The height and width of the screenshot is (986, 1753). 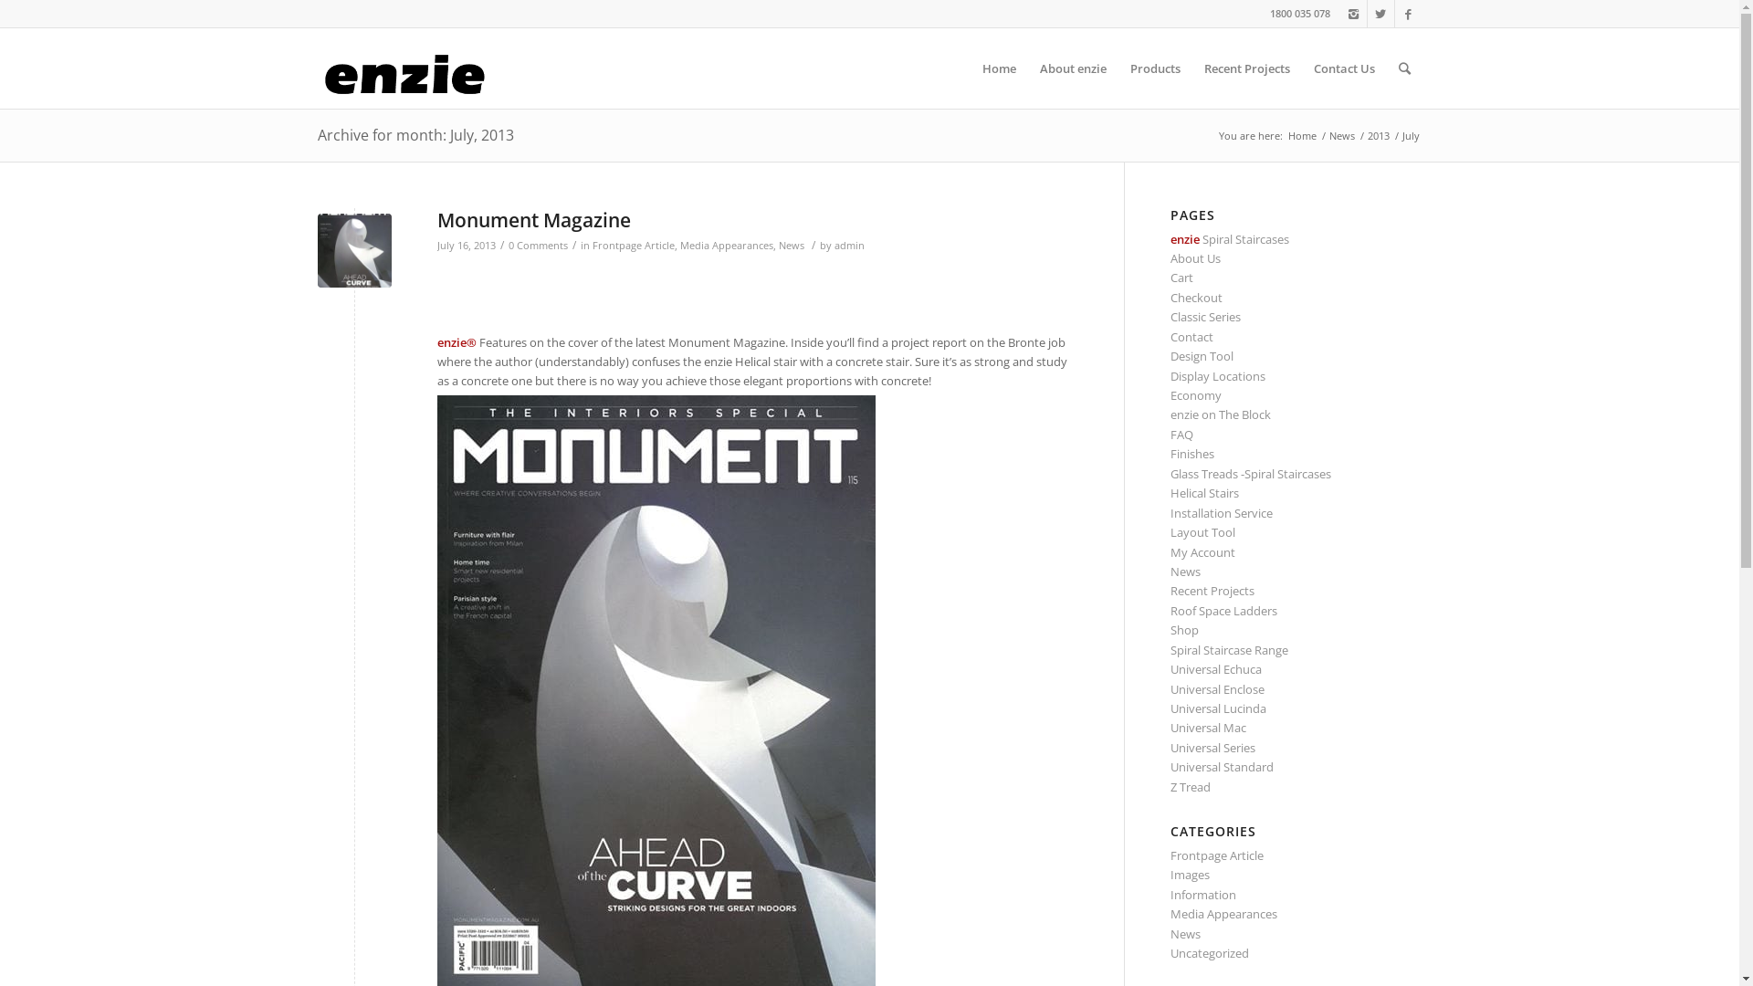 What do you see at coordinates (1230, 238) in the screenshot?
I see `'enzie Spiral Staircases'` at bounding box center [1230, 238].